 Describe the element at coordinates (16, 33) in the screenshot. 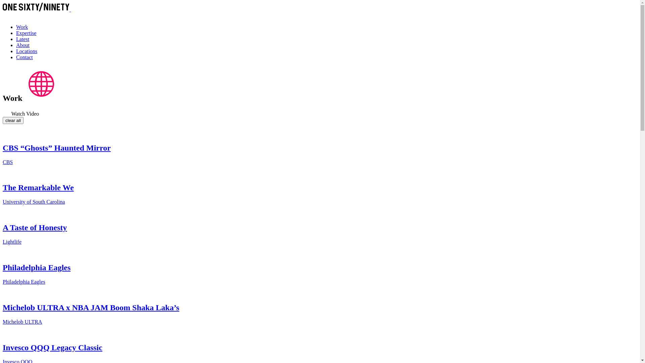

I see `'Expertise'` at that location.